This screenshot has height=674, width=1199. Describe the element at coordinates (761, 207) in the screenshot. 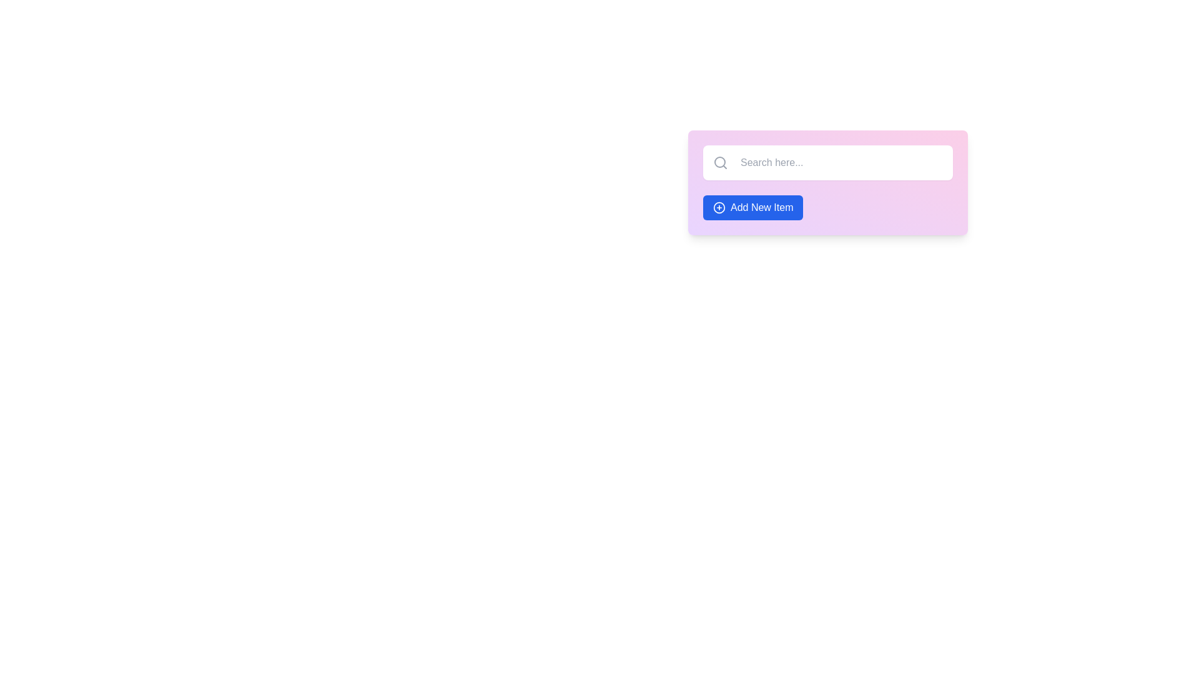

I see `the text label reading 'Add New Item' that is styled with white font on a blue background, which is part of a clickable button located at the bottom-left side of the interface, below the search bar` at that location.